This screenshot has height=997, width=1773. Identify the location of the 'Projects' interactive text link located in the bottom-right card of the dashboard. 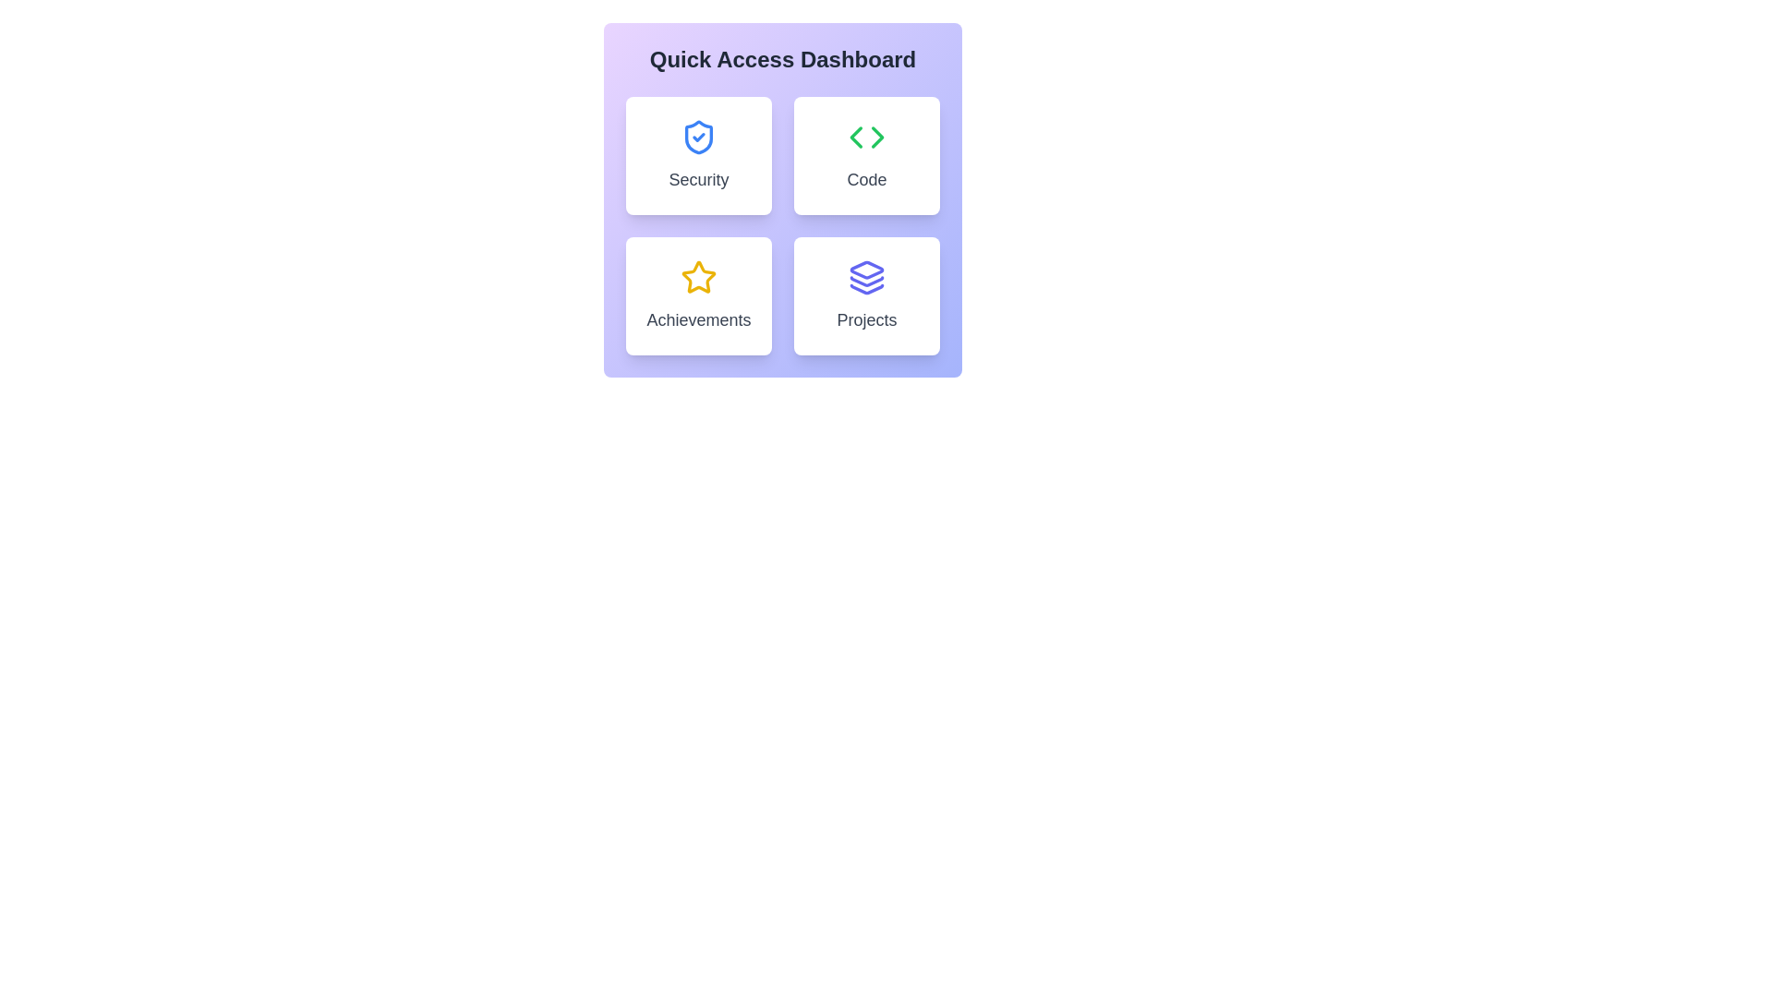
(866, 319).